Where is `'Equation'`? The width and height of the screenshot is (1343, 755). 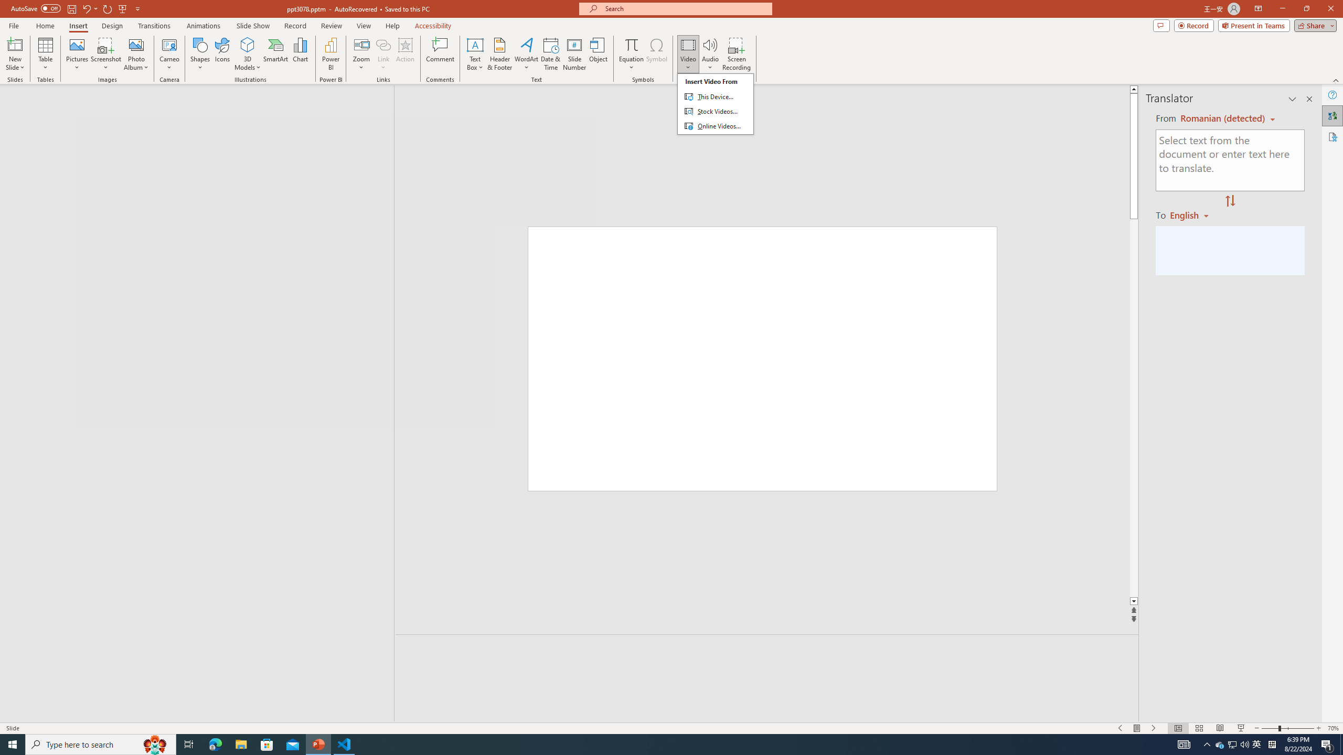
'Equation' is located at coordinates (631, 44).